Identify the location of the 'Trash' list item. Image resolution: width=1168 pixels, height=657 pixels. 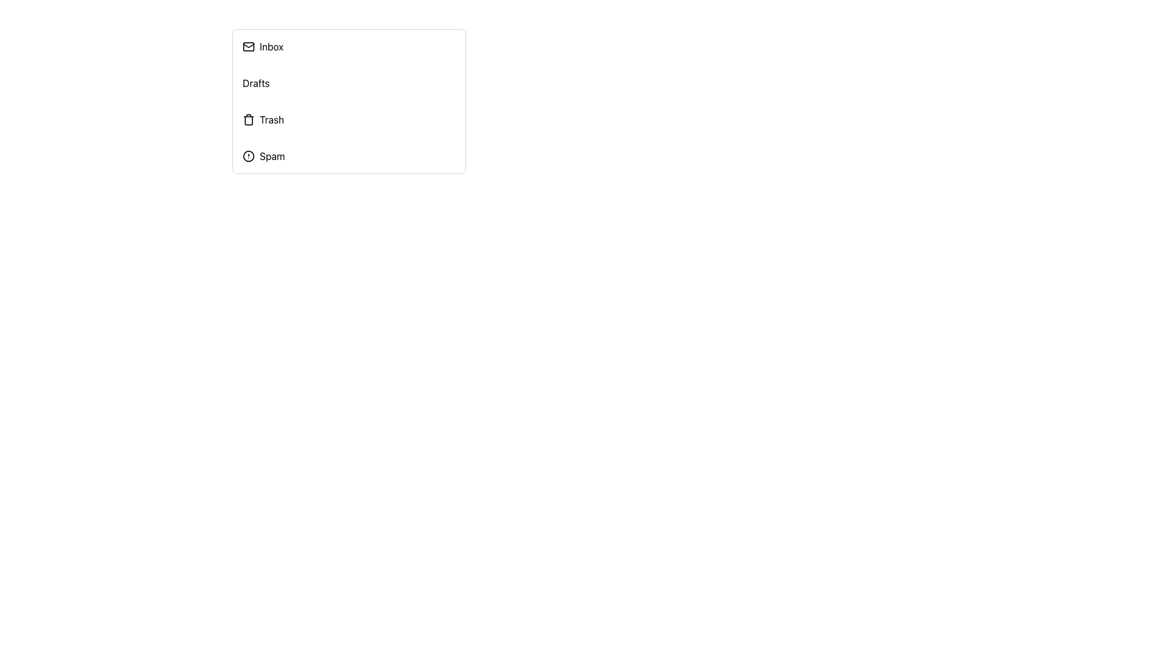
(349, 119).